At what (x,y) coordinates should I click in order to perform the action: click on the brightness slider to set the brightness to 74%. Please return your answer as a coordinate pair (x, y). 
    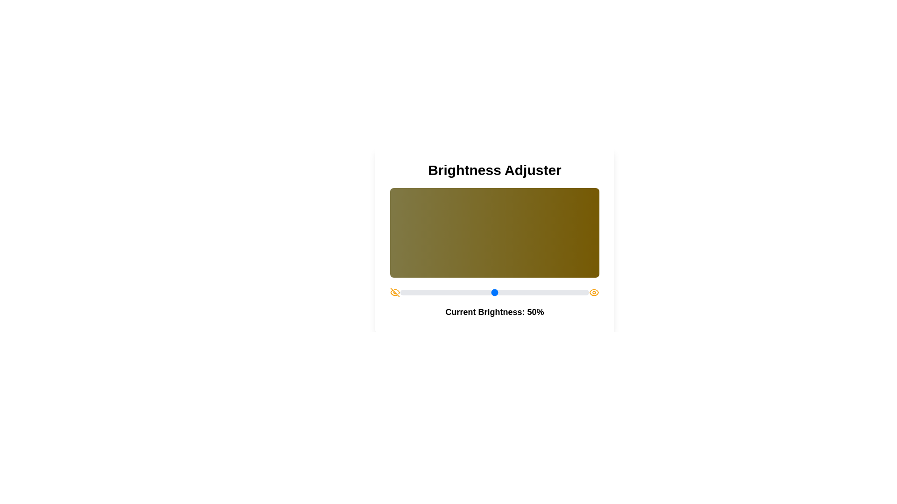
    Looking at the image, I should click on (540, 292).